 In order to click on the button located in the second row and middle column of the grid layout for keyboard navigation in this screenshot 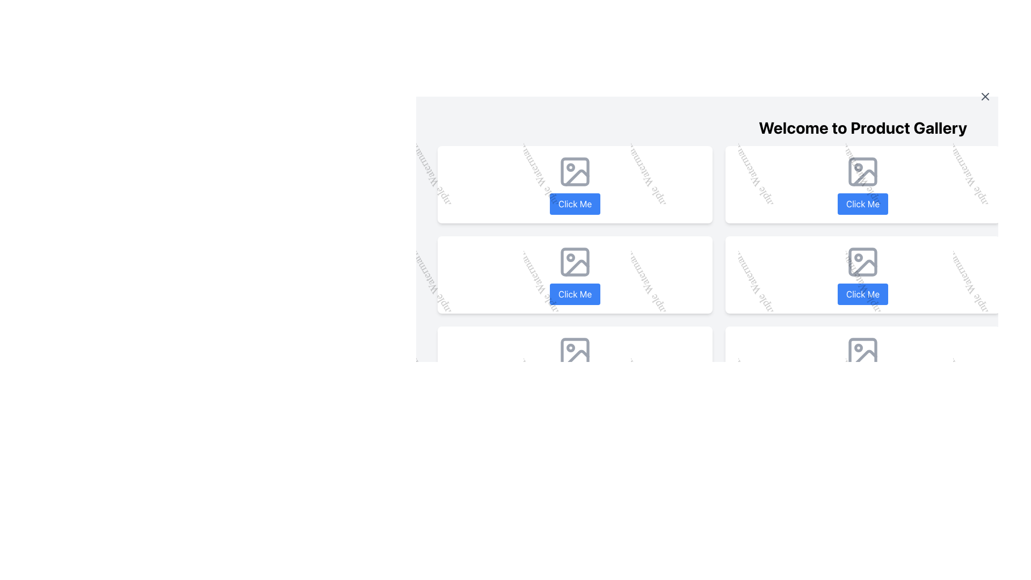, I will do `click(863, 274)`.